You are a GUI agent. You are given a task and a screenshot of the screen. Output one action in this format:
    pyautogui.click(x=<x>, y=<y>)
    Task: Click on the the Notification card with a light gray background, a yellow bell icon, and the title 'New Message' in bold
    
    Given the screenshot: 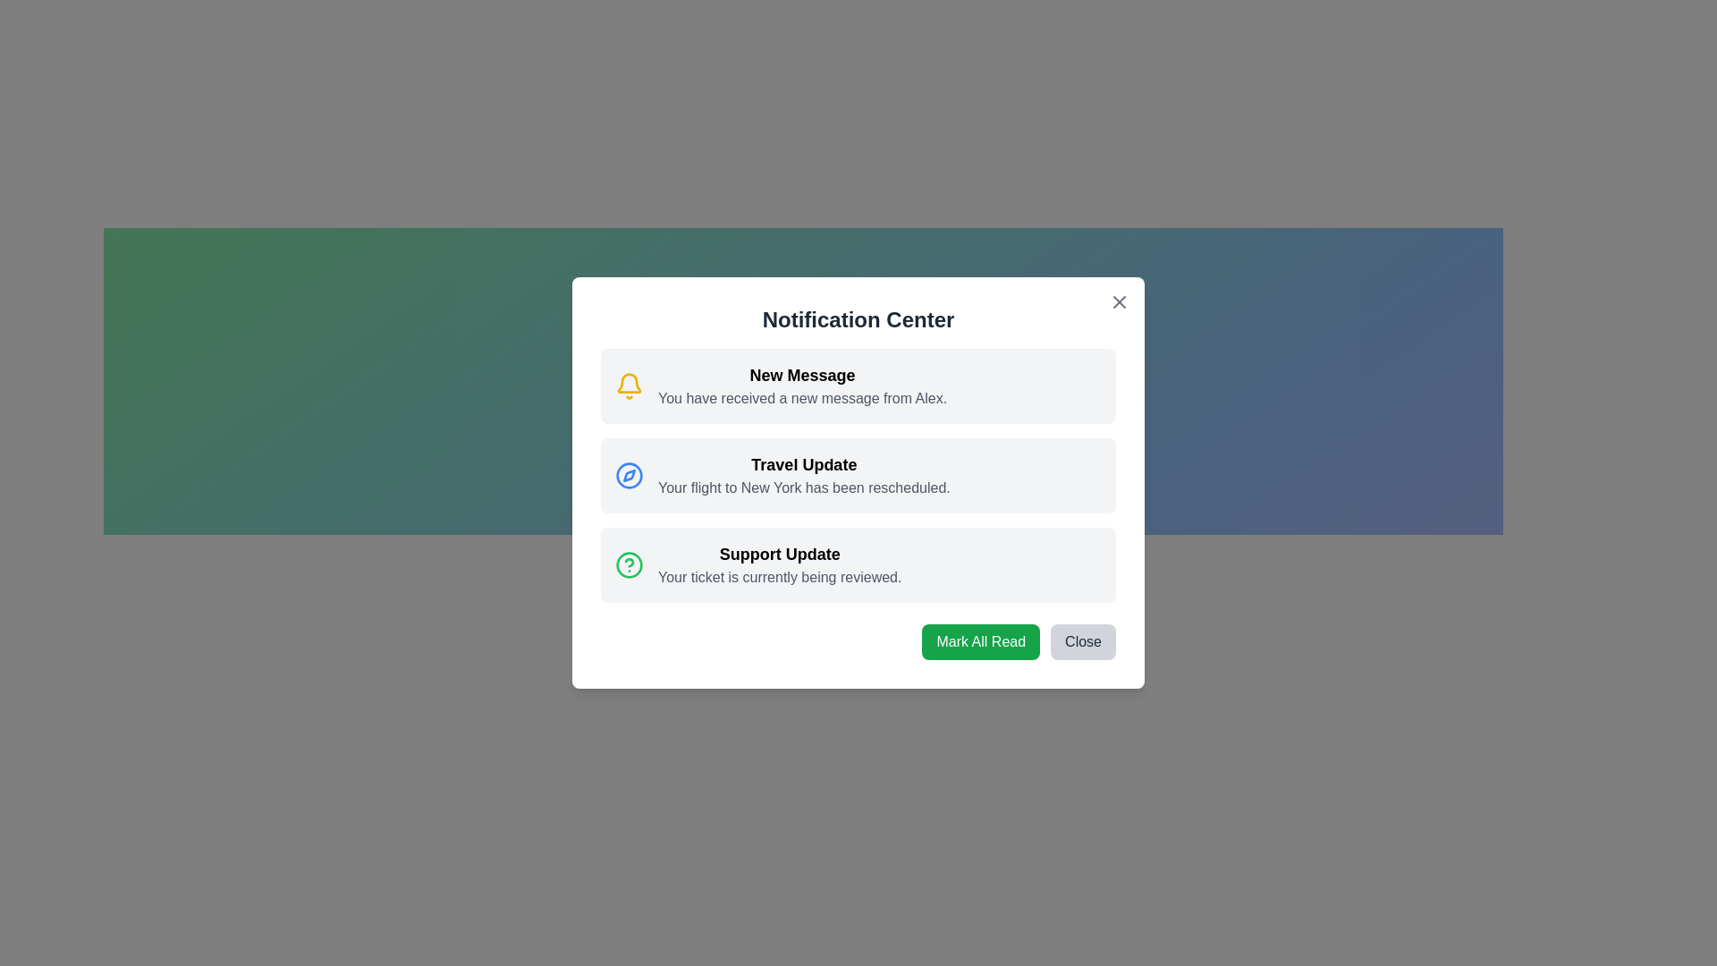 What is the action you would take?
    pyautogui.click(x=858, y=386)
    